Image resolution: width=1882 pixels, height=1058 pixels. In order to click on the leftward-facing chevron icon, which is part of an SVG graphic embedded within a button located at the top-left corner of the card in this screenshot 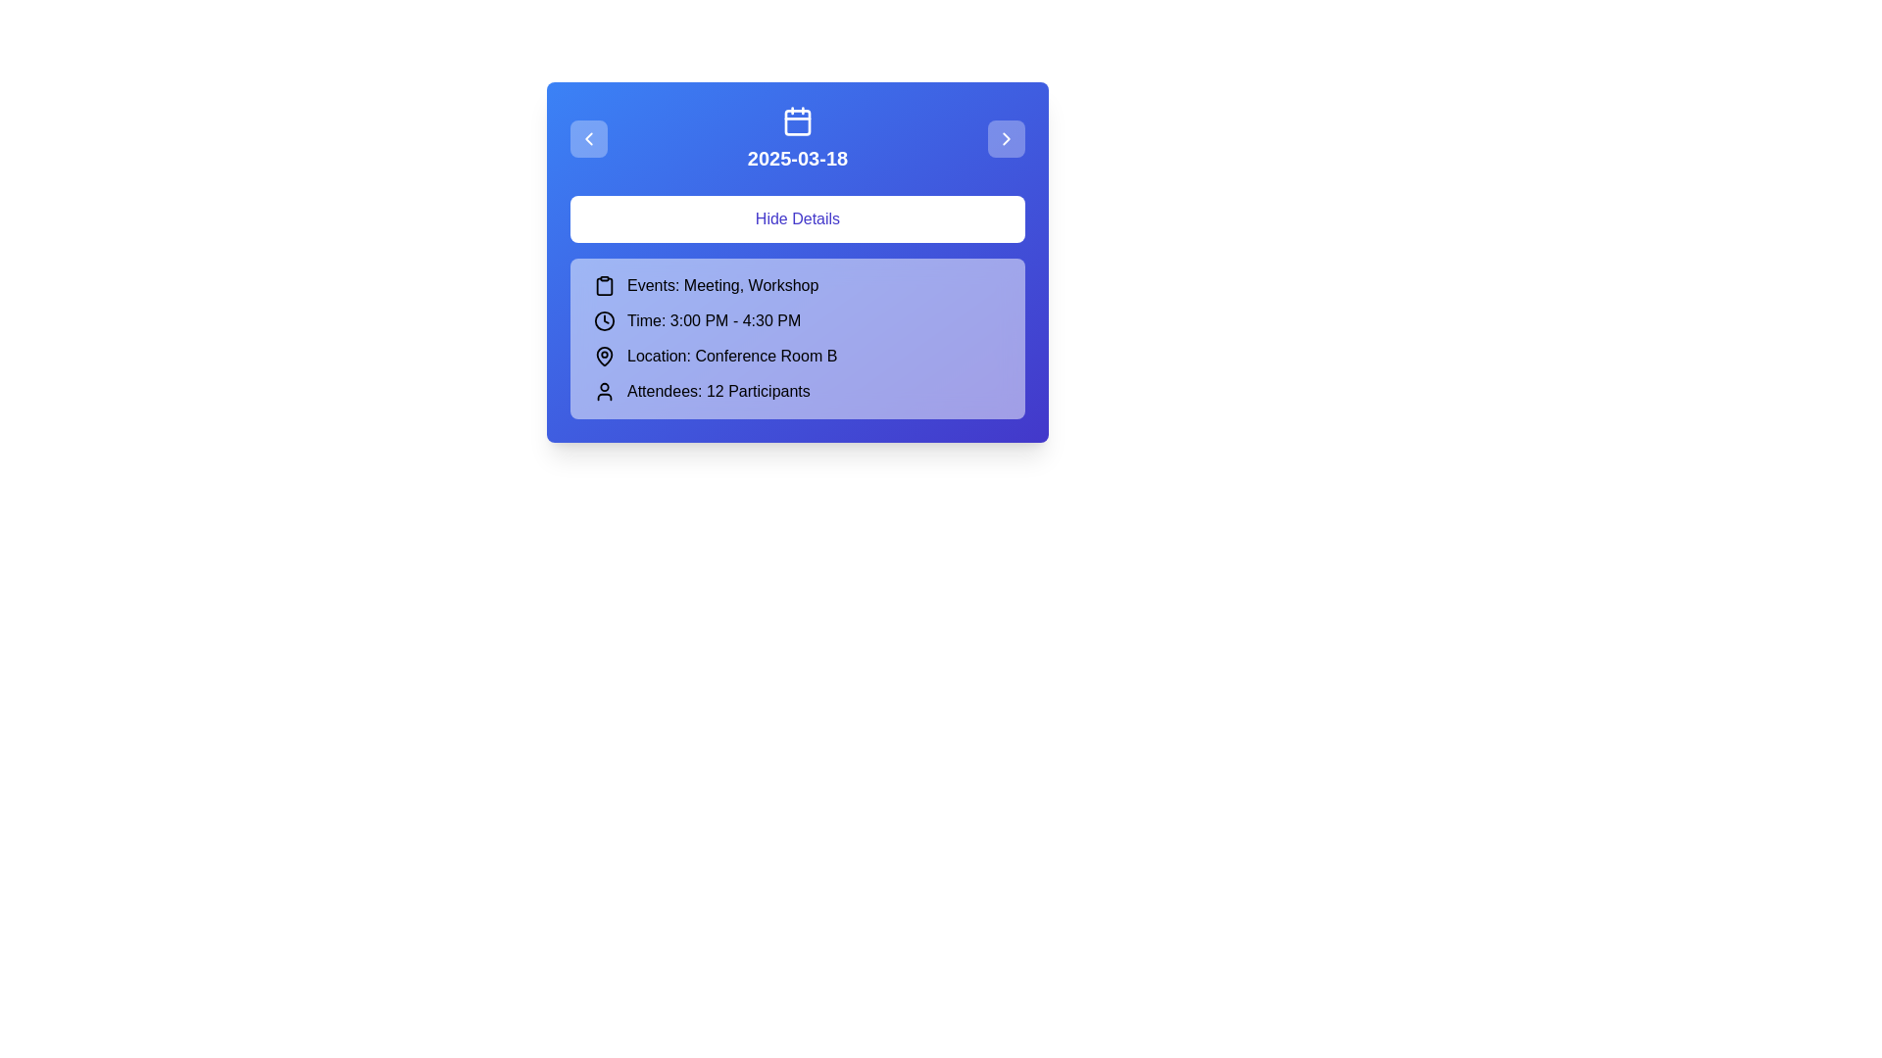, I will do `click(587, 138)`.